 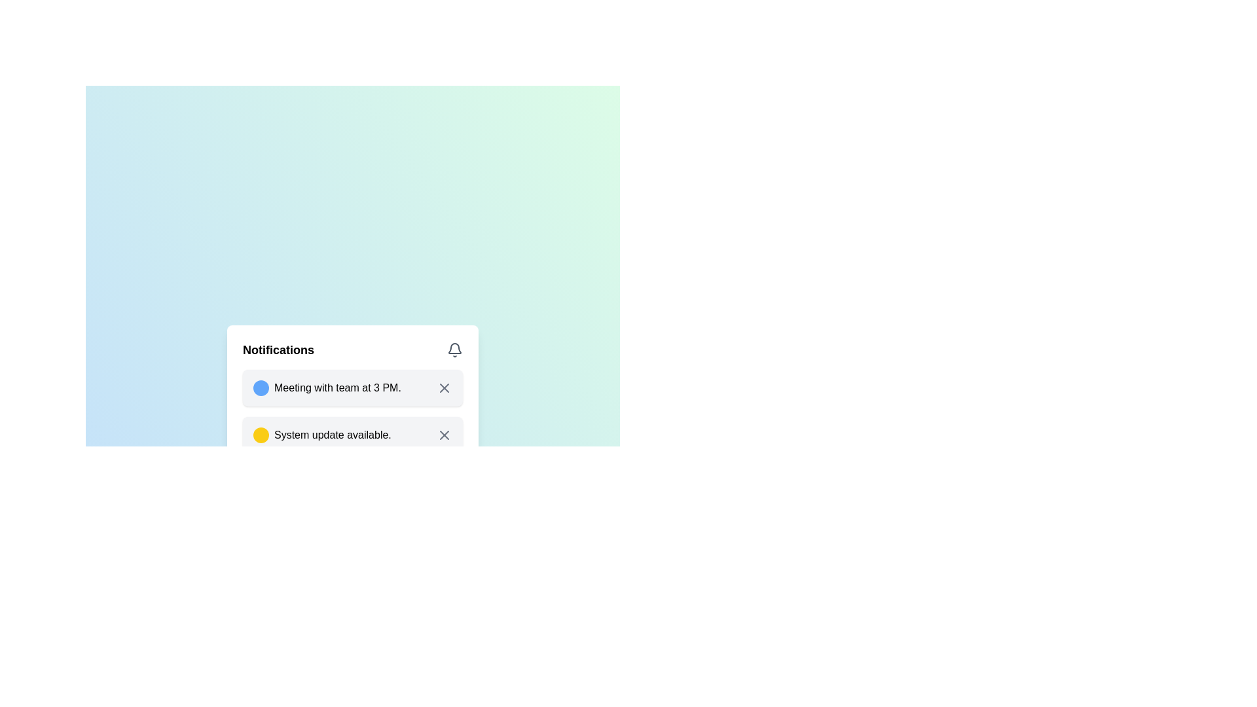 What do you see at coordinates (444, 435) in the screenshot?
I see `the close button located in the bottom-right corner of the panel associated with the notification item 'System update available'` at bounding box center [444, 435].